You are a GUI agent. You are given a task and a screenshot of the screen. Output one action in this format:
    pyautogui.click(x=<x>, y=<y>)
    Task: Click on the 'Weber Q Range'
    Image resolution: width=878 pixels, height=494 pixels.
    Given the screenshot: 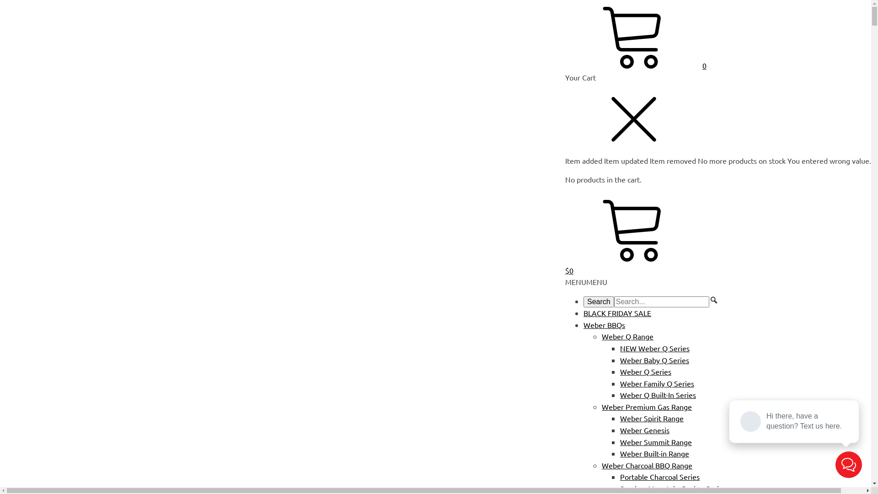 What is the action you would take?
    pyautogui.click(x=627, y=336)
    